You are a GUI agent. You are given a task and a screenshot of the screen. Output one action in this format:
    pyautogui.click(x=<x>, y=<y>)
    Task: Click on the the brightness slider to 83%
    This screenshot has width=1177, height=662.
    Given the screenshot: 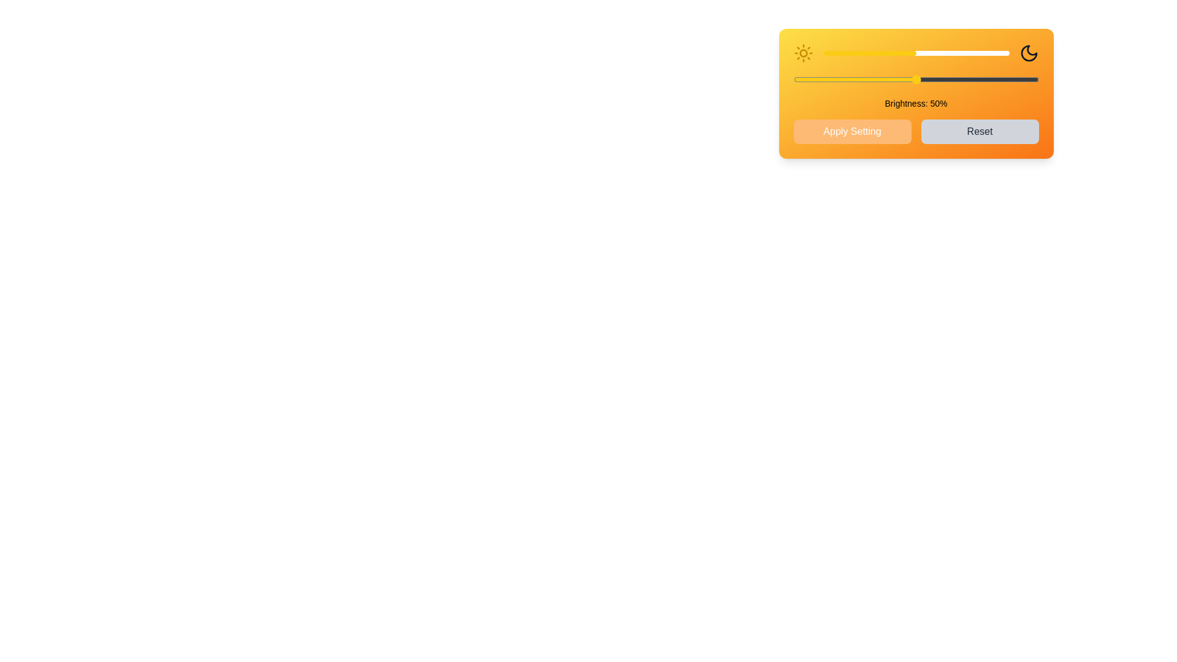 What is the action you would take?
    pyautogui.click(x=977, y=53)
    